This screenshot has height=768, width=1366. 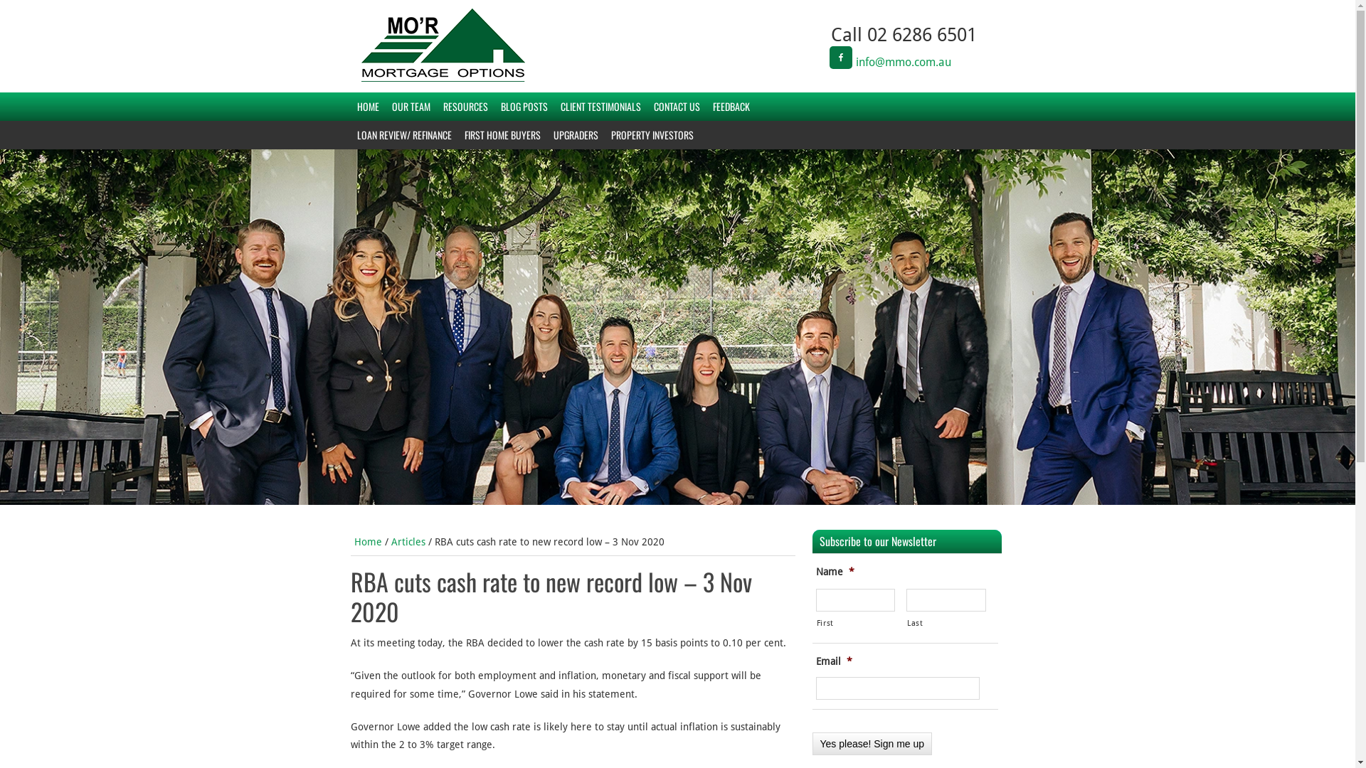 I want to click on 'Articles', so click(x=408, y=542).